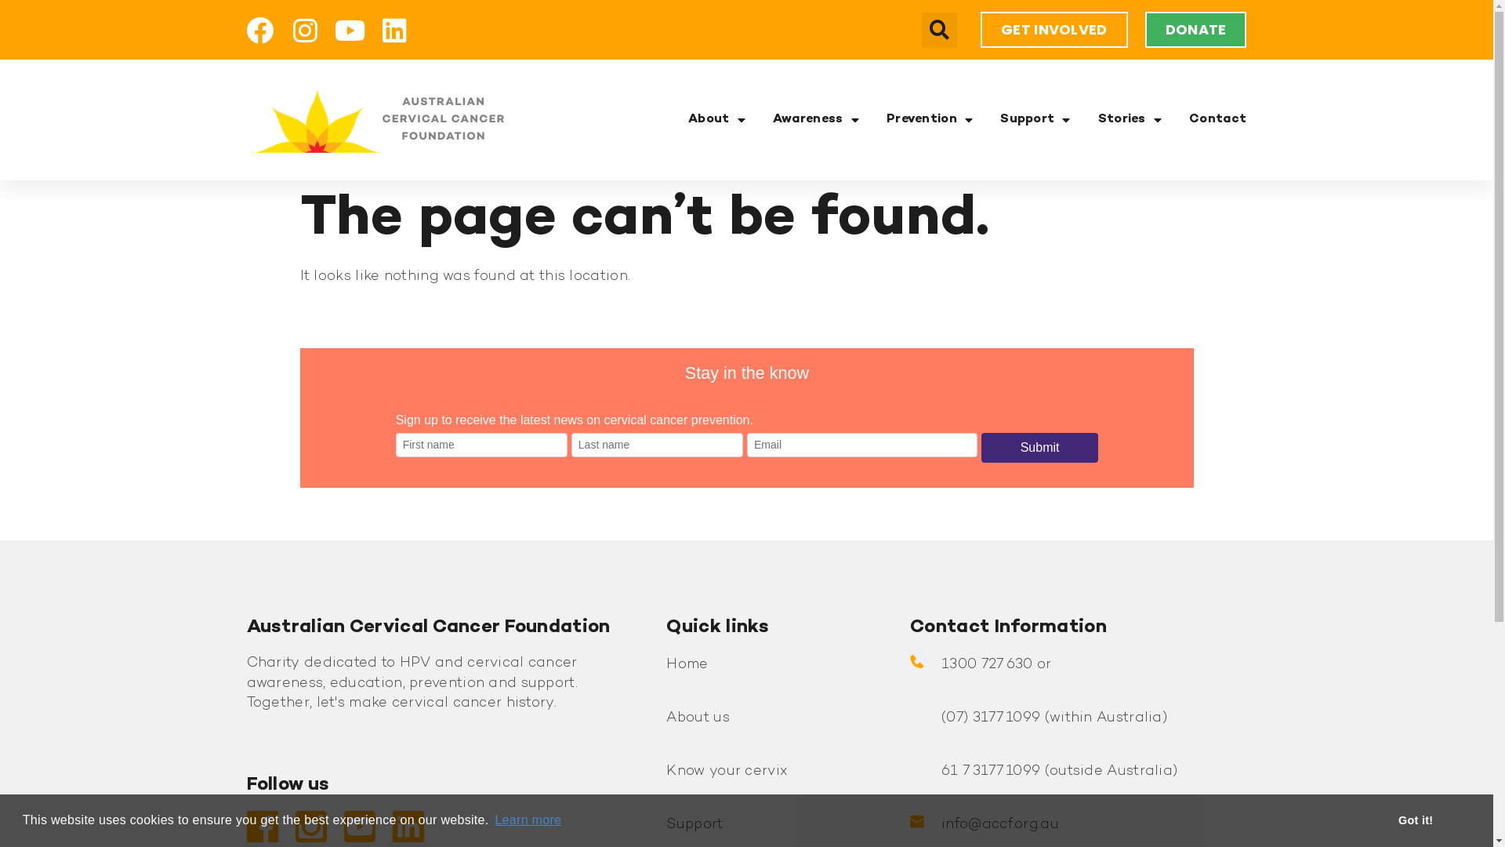 This screenshot has height=847, width=1505. Describe the element at coordinates (694, 823) in the screenshot. I see `'Support'` at that location.